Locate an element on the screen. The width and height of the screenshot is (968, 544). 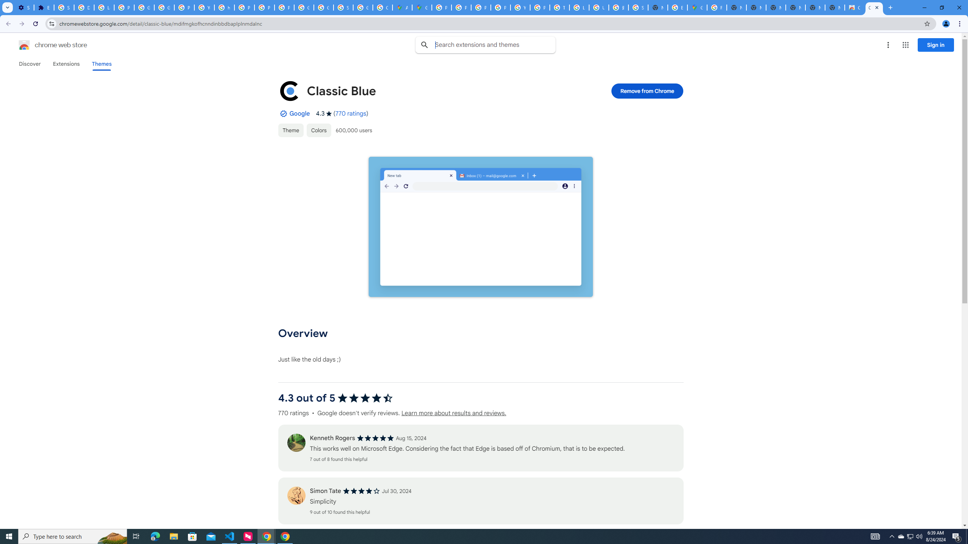
'Chrome Web Store logo' is located at coordinates (24, 45).